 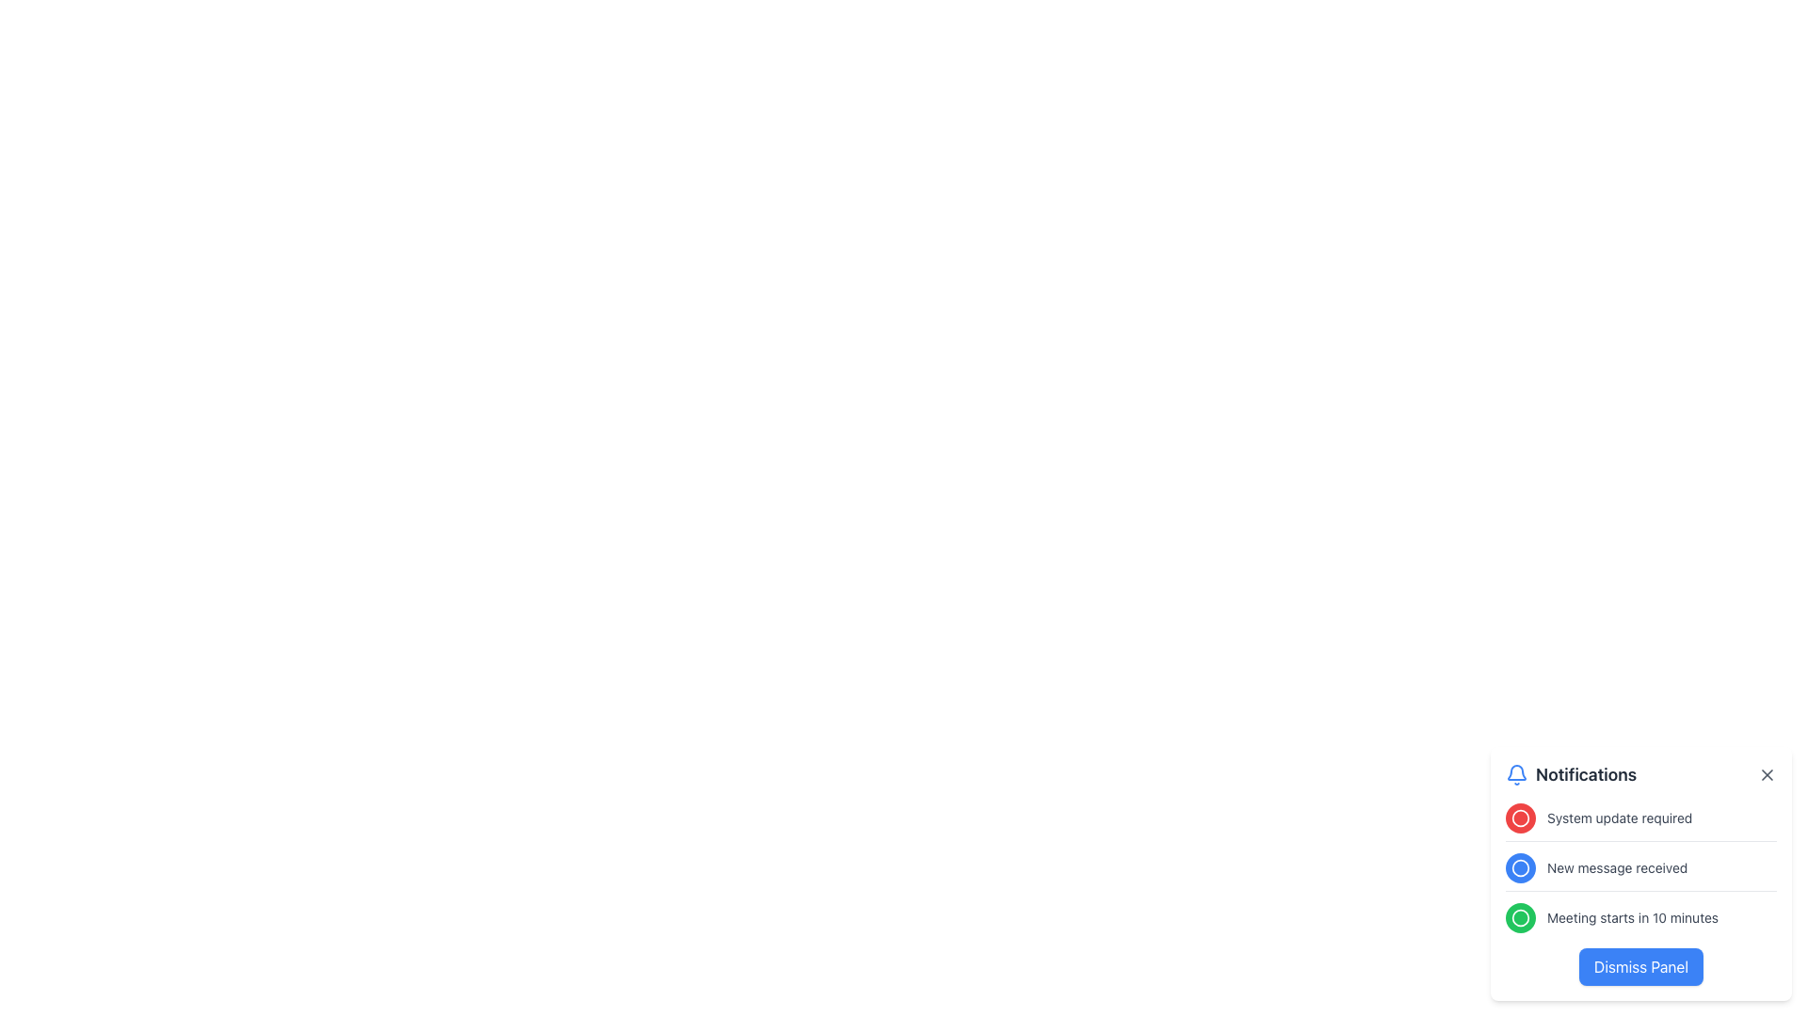 What do you see at coordinates (1521, 867) in the screenshot?
I see `the blue circular icon with a white circle inside, located beside the text 'New message received' in the notification panel` at bounding box center [1521, 867].